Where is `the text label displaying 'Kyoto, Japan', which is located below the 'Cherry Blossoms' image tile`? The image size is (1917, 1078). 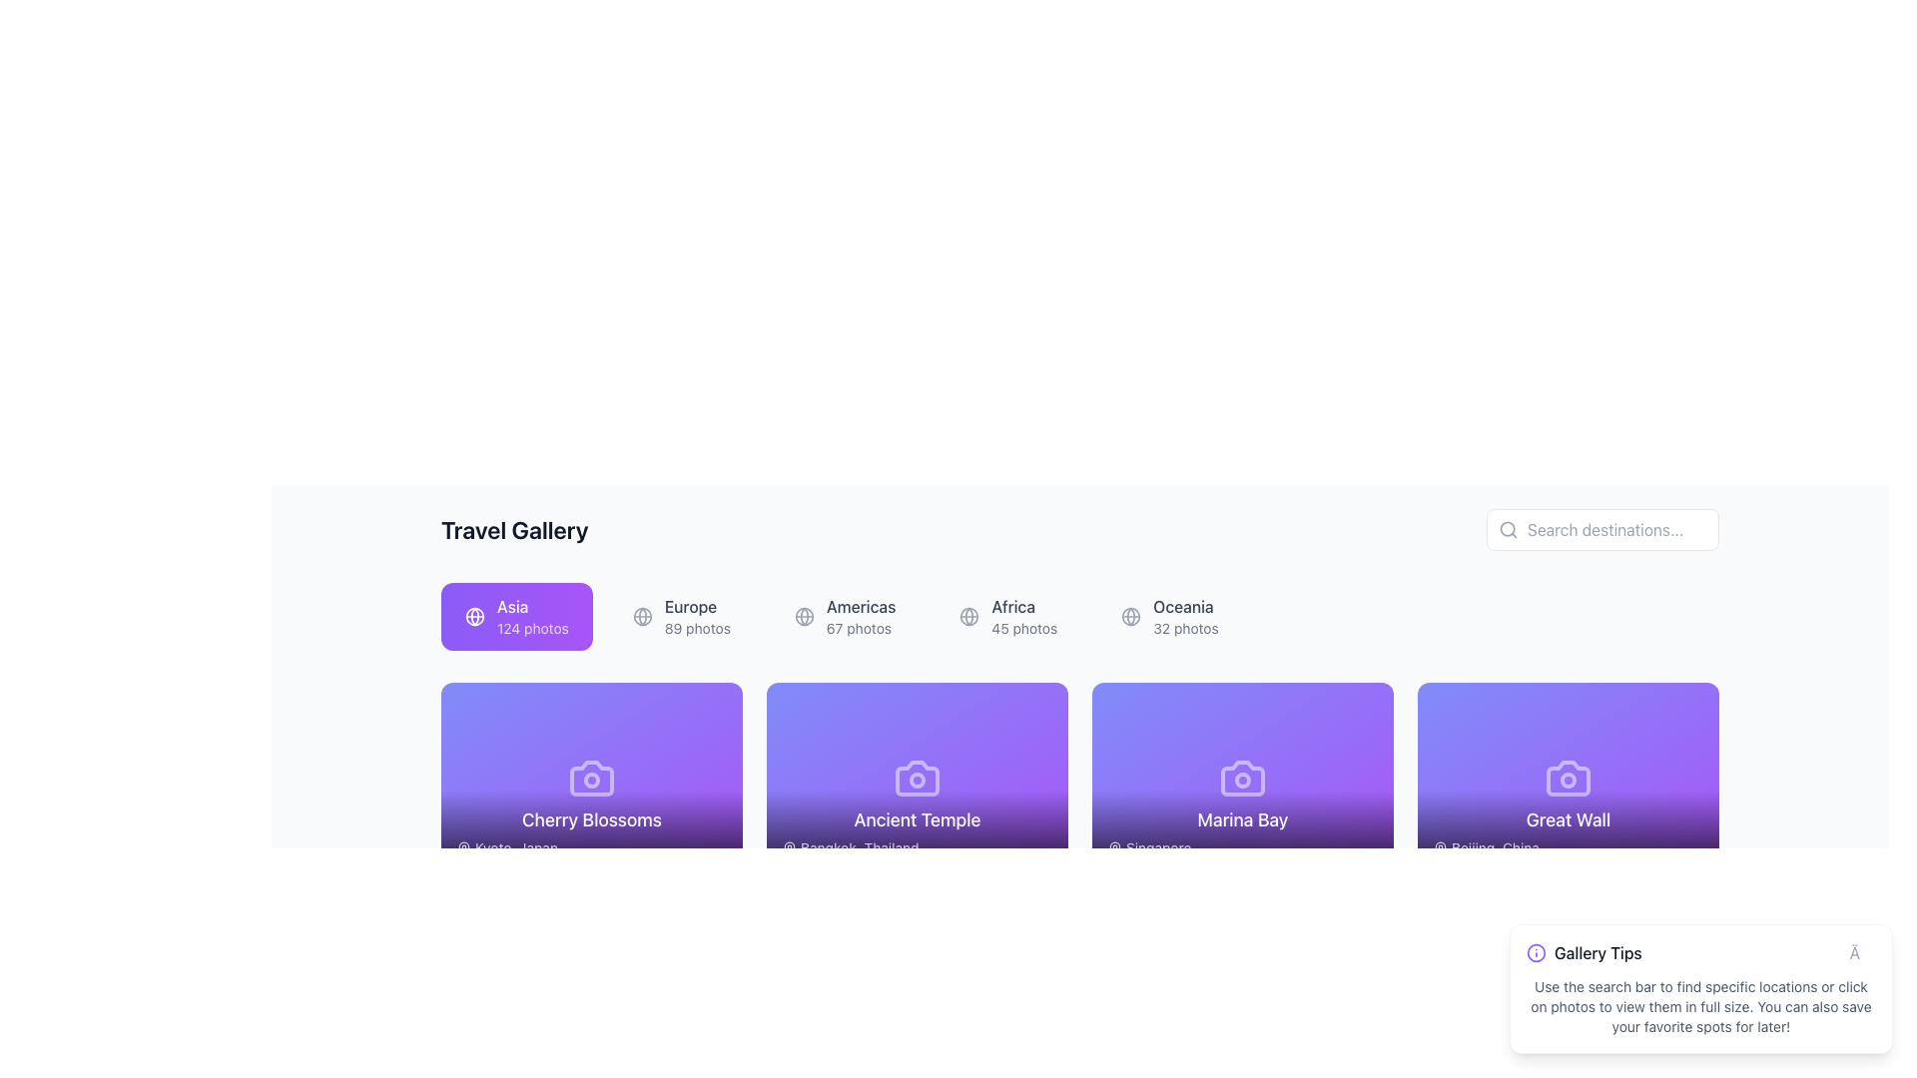
the text label displaying 'Kyoto, Japan', which is located below the 'Cherry Blossoms' image tile is located at coordinates (516, 847).